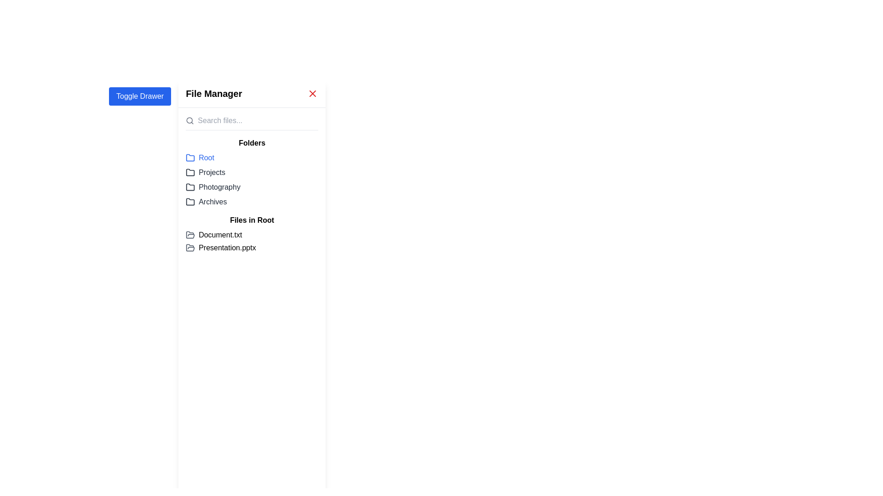  I want to click on the composite element representing the 'Root' directory, located at the top of the 'Folders' section in the left sidebar, so click(200, 157).